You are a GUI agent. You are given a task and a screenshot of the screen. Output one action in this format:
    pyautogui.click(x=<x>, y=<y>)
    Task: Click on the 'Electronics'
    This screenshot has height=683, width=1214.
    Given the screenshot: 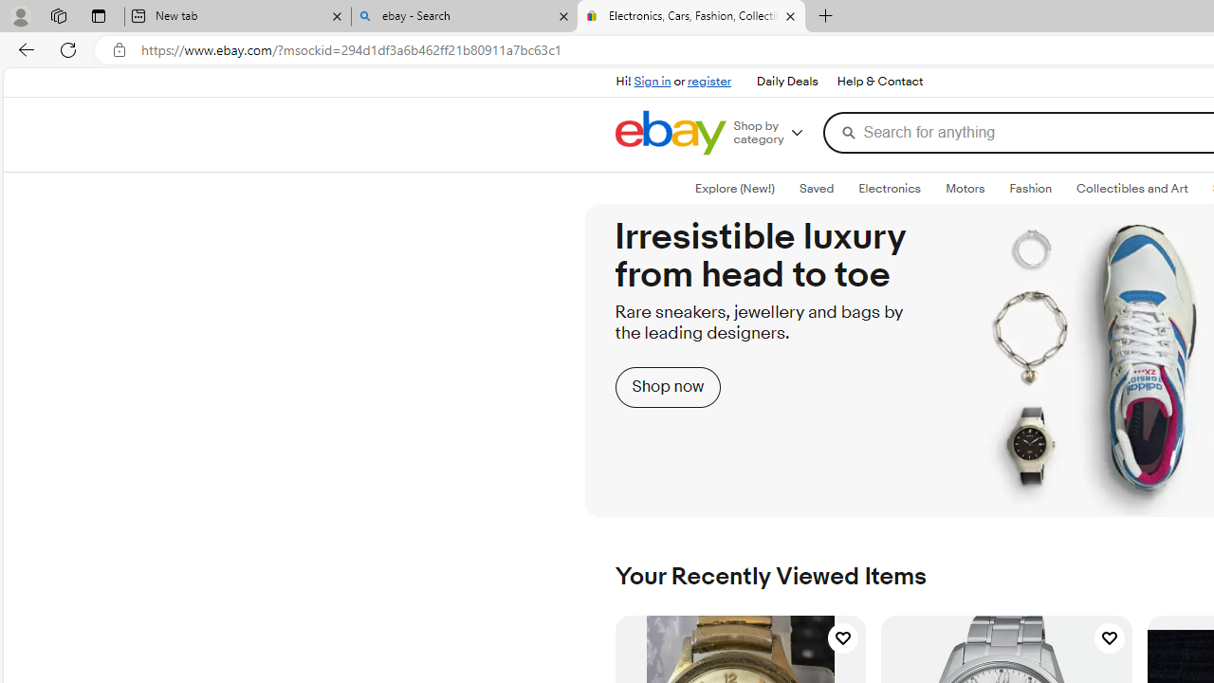 What is the action you would take?
    pyautogui.click(x=889, y=189)
    